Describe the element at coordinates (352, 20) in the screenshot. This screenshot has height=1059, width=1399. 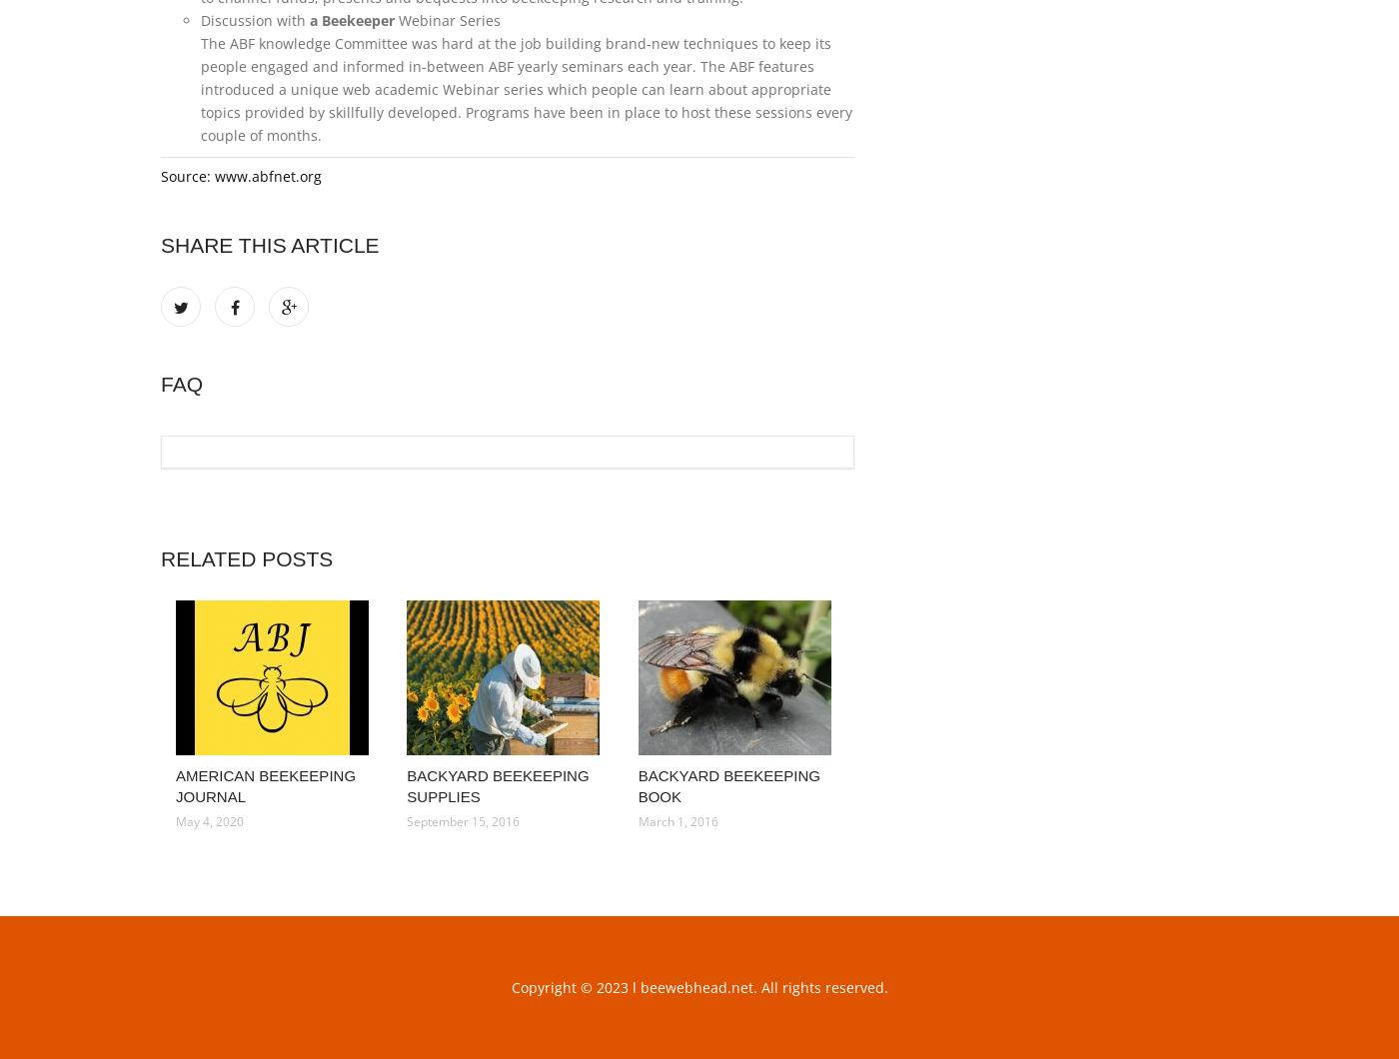
I see `'a Beekeeper'` at that location.